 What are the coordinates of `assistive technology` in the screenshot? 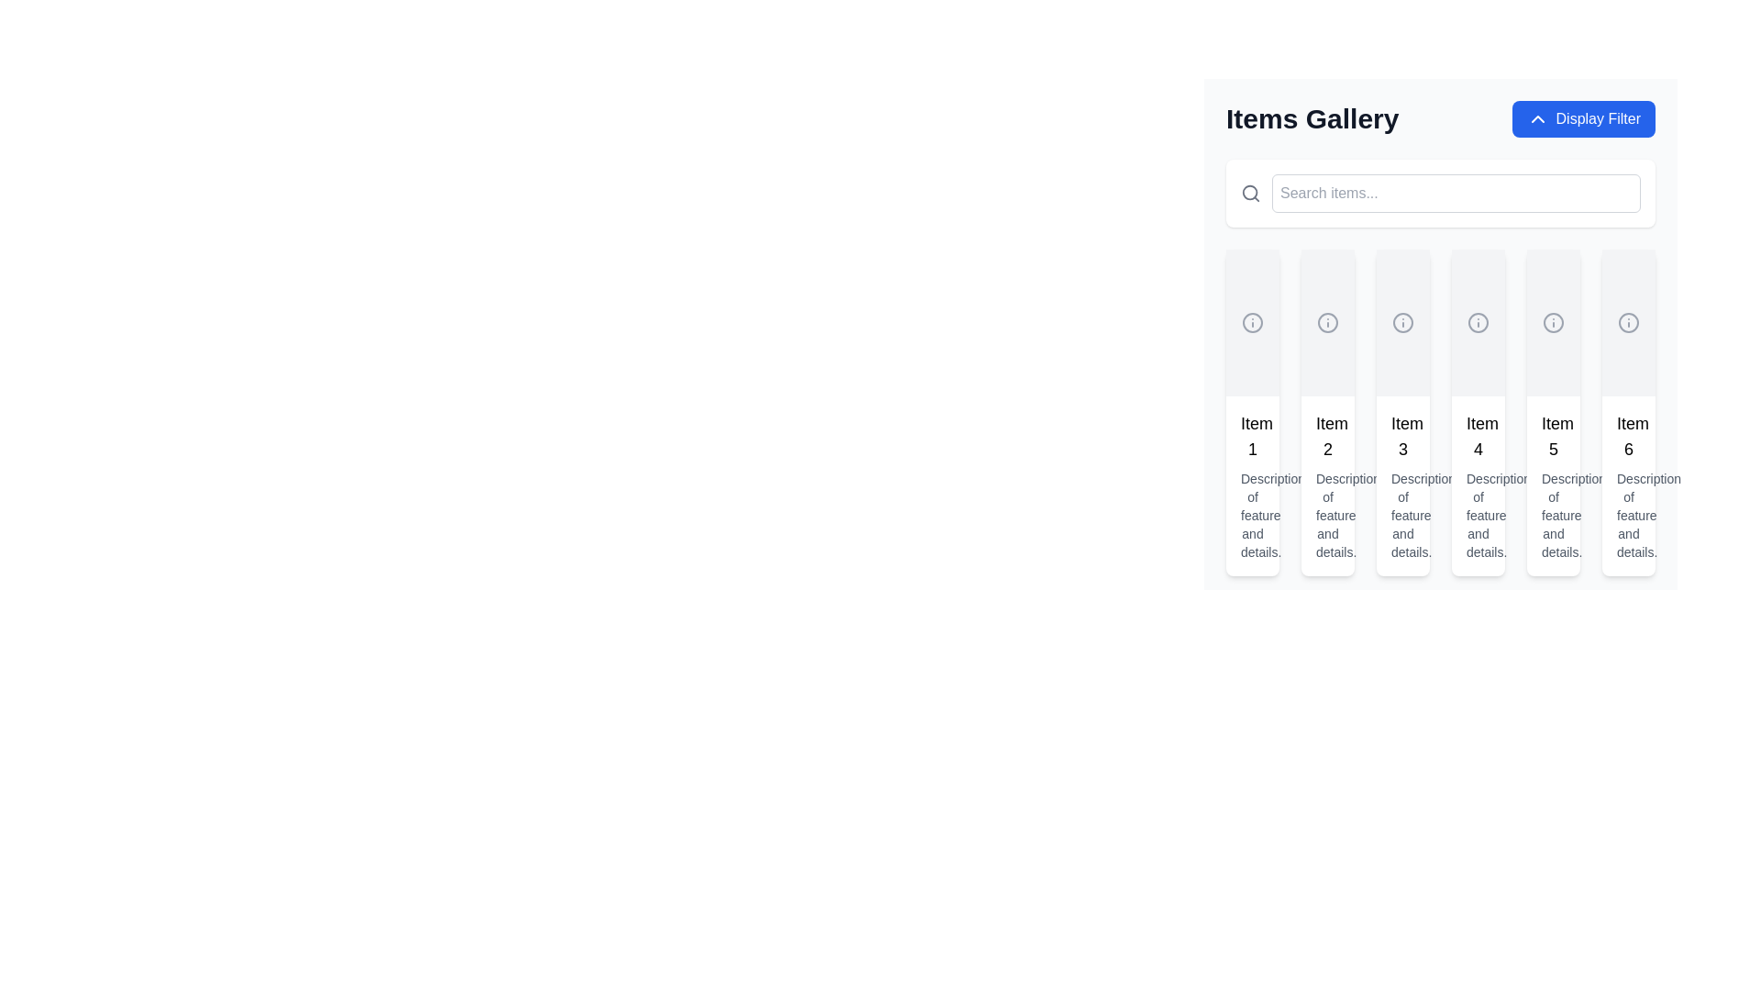 It's located at (1629, 516).